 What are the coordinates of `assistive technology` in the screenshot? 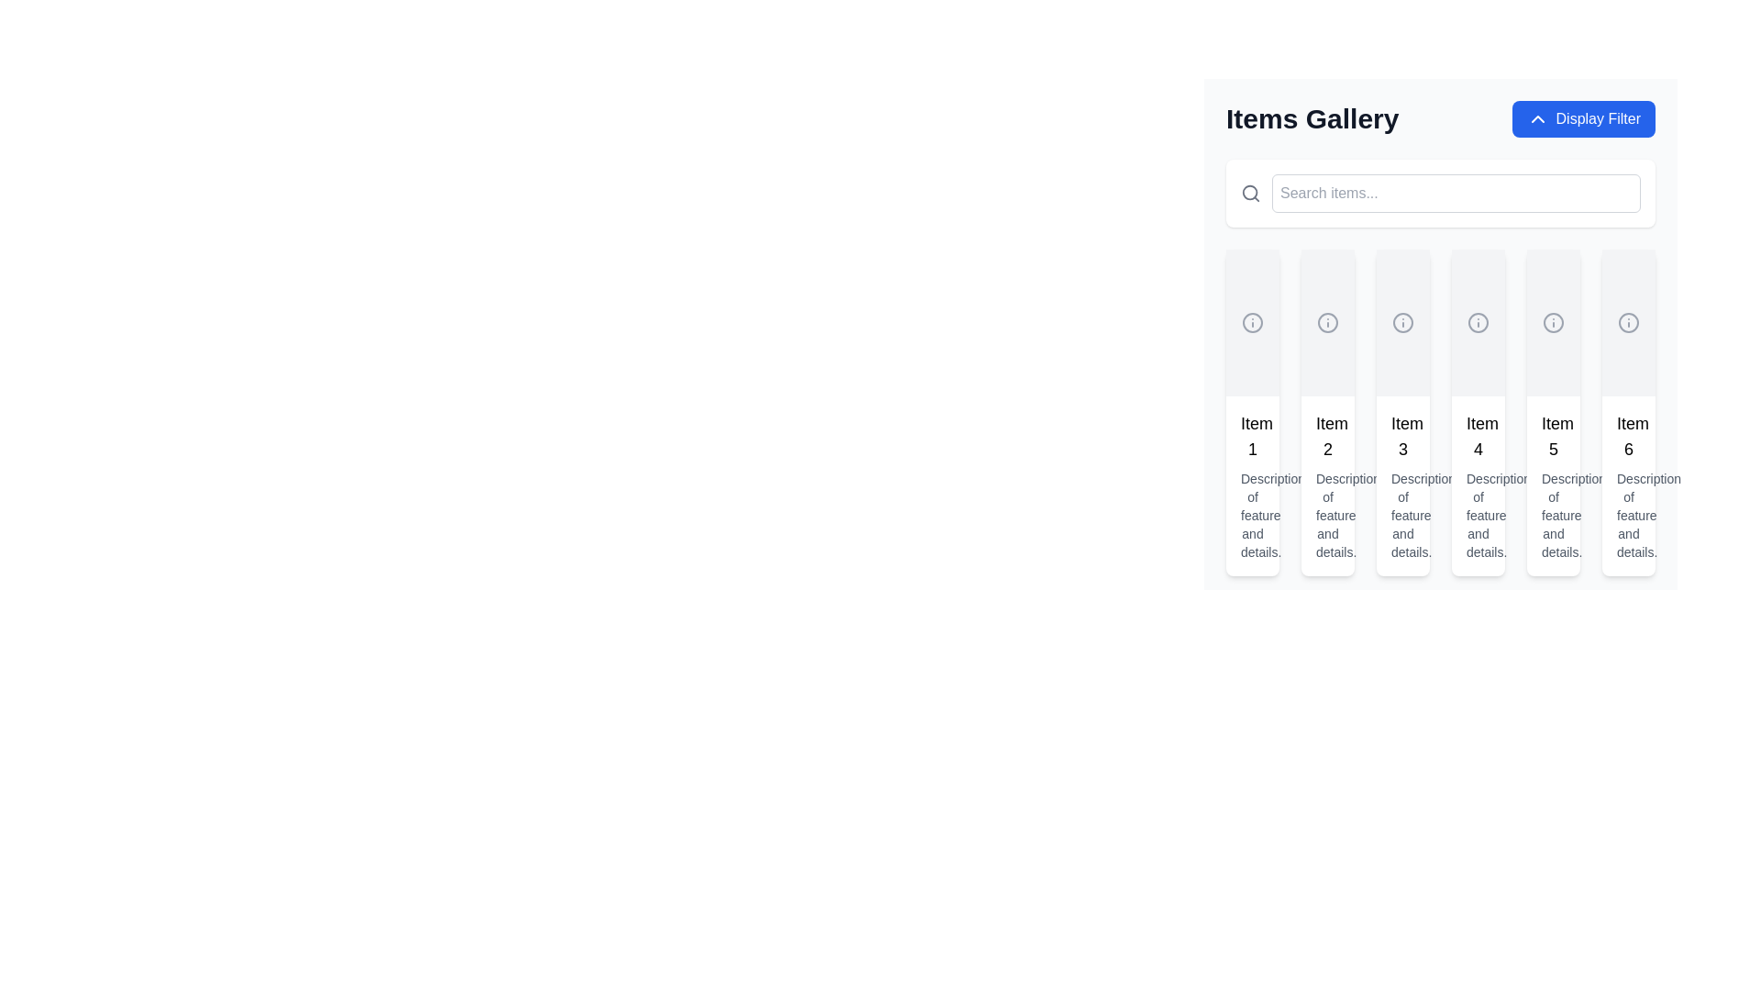 It's located at (1629, 516).